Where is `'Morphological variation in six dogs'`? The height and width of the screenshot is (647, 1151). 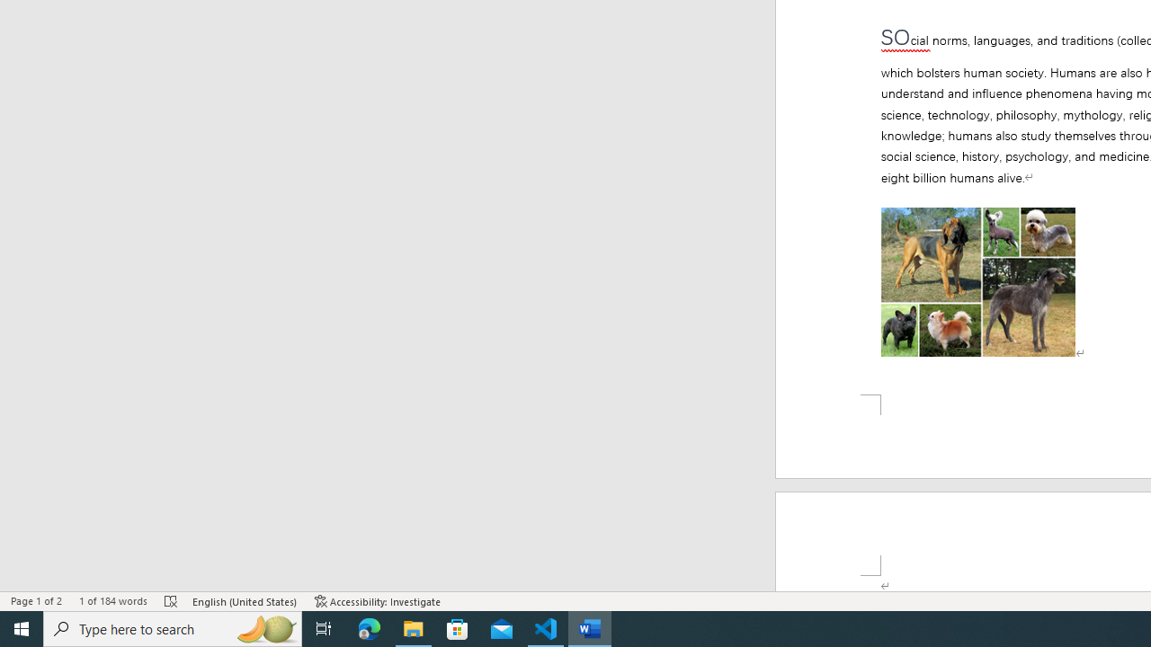 'Morphological variation in six dogs' is located at coordinates (977, 281).